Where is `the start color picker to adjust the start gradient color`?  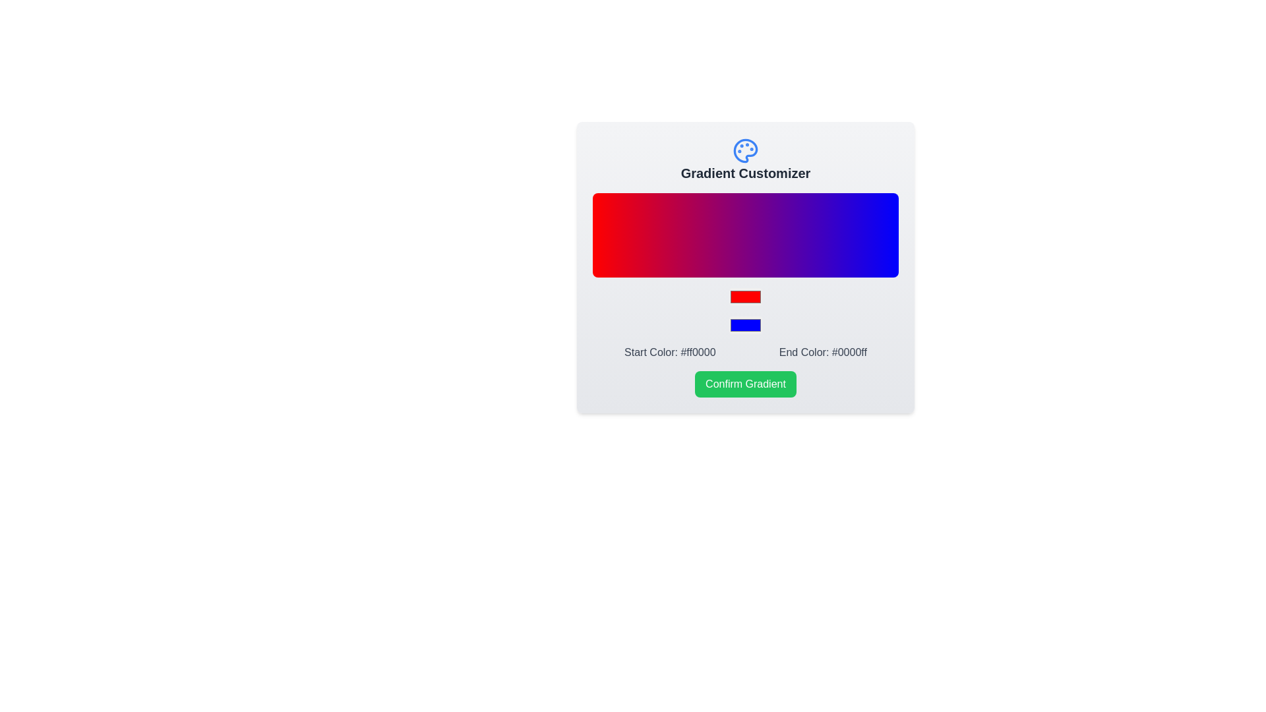 the start color picker to adjust the start gradient color is located at coordinates (746, 297).